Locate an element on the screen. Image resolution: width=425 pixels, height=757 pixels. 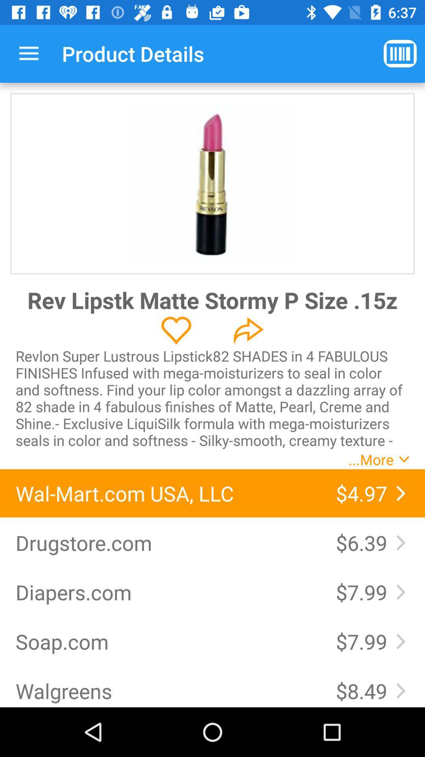
share the article is located at coordinates (248, 330).